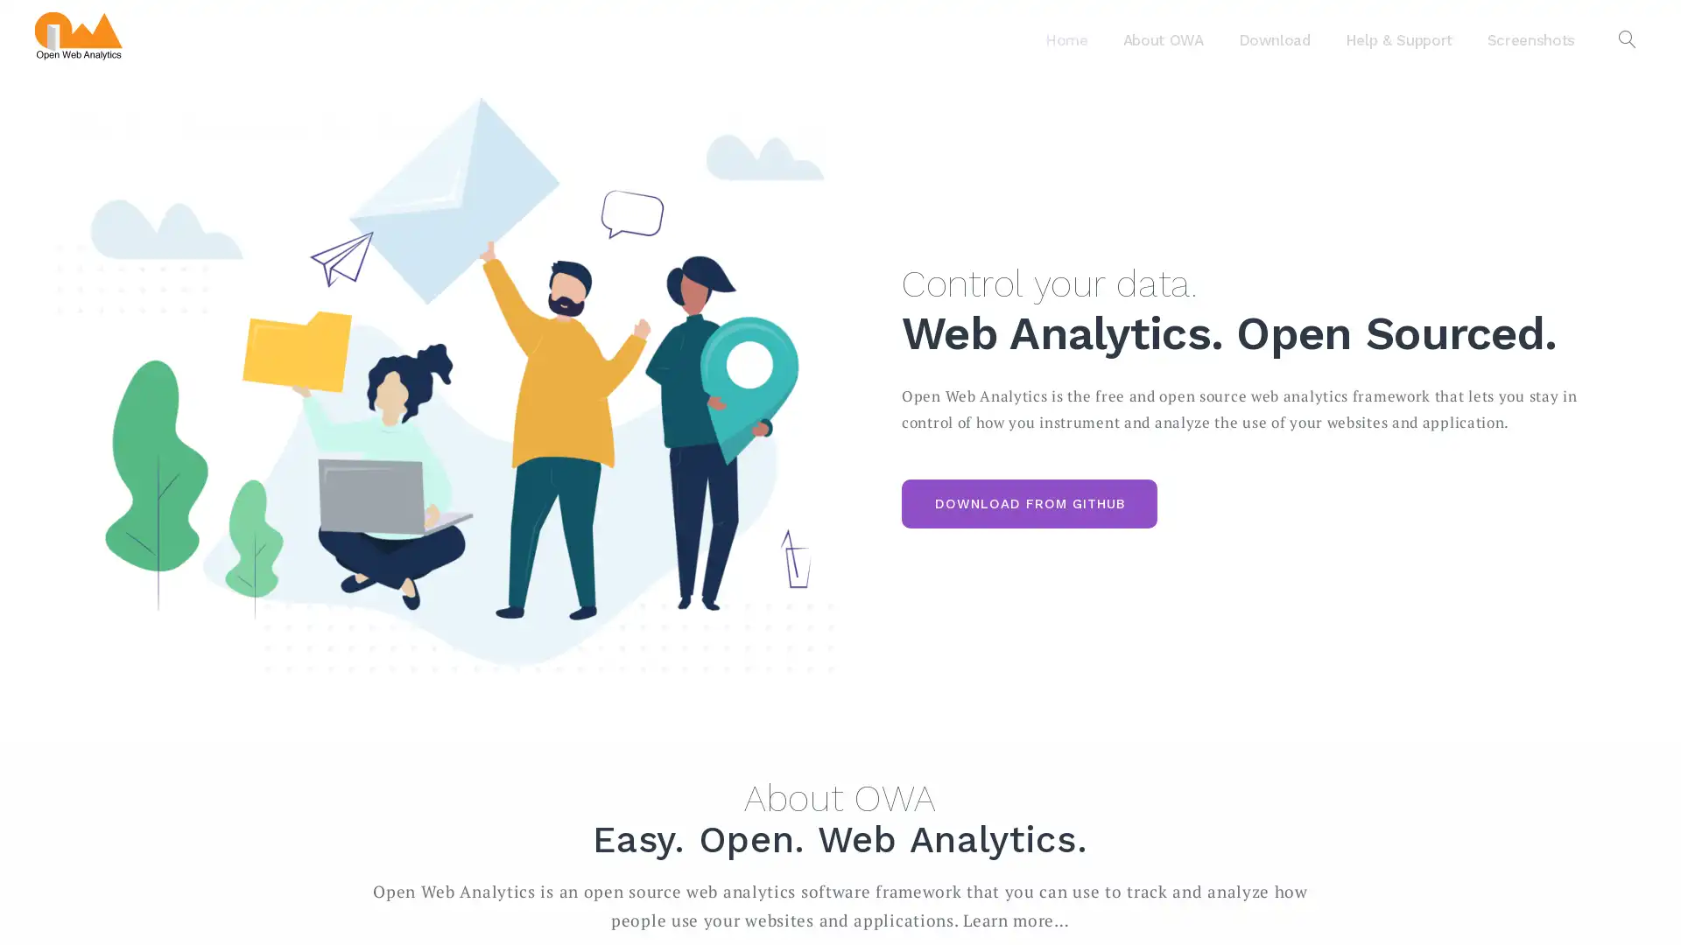  What do you see at coordinates (1627, 39) in the screenshot?
I see `OPEN SEARCH` at bounding box center [1627, 39].